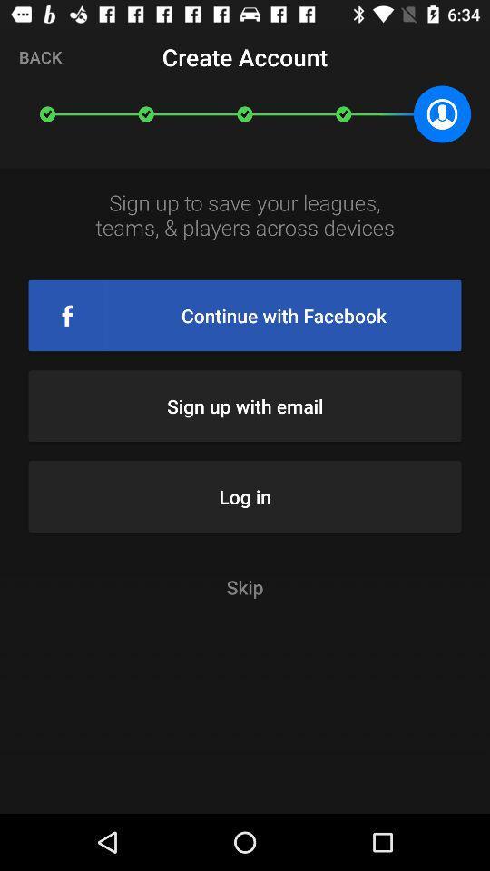  Describe the element at coordinates (40, 56) in the screenshot. I see `icon at the top left corner` at that location.